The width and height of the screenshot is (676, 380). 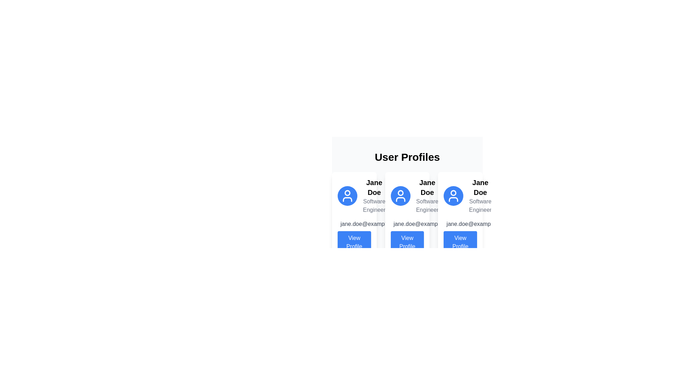 What do you see at coordinates (453, 193) in the screenshot?
I see `the circular part representing the head in the user profile illustration, located at the center-top of the rightmost user card in a series of three cards` at bounding box center [453, 193].